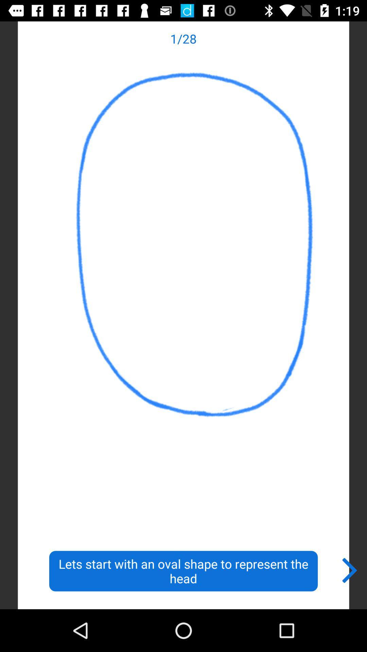  What do you see at coordinates (350, 569) in the screenshot?
I see `the item at the bottom right corner` at bounding box center [350, 569].